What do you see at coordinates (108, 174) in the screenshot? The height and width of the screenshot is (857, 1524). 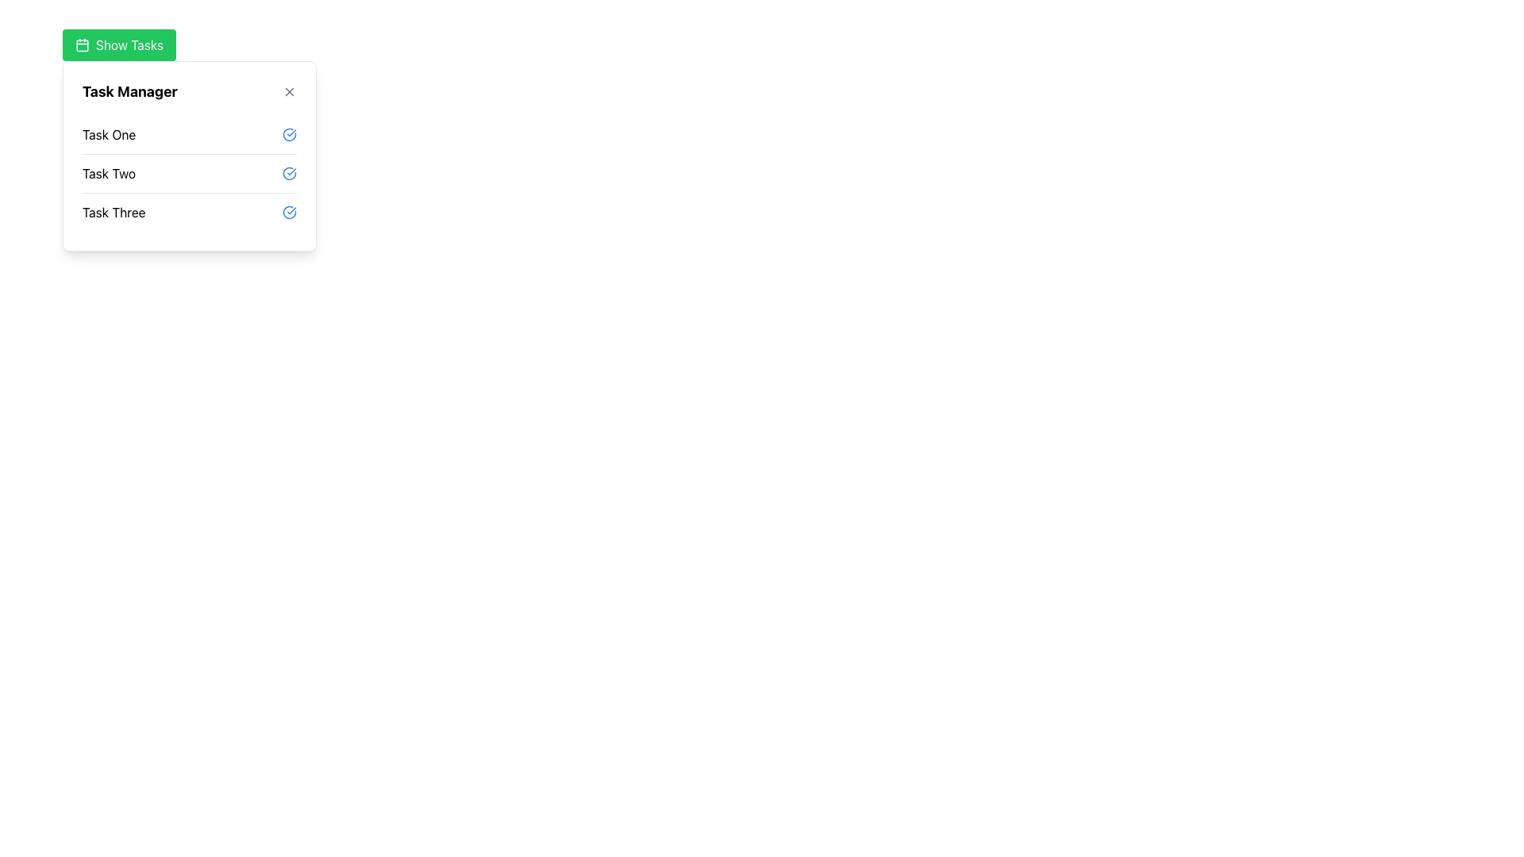 I see `the second task label in the task management list, which is located below 'Task One' and above 'Task Three', aligned to the left of the panel` at bounding box center [108, 174].